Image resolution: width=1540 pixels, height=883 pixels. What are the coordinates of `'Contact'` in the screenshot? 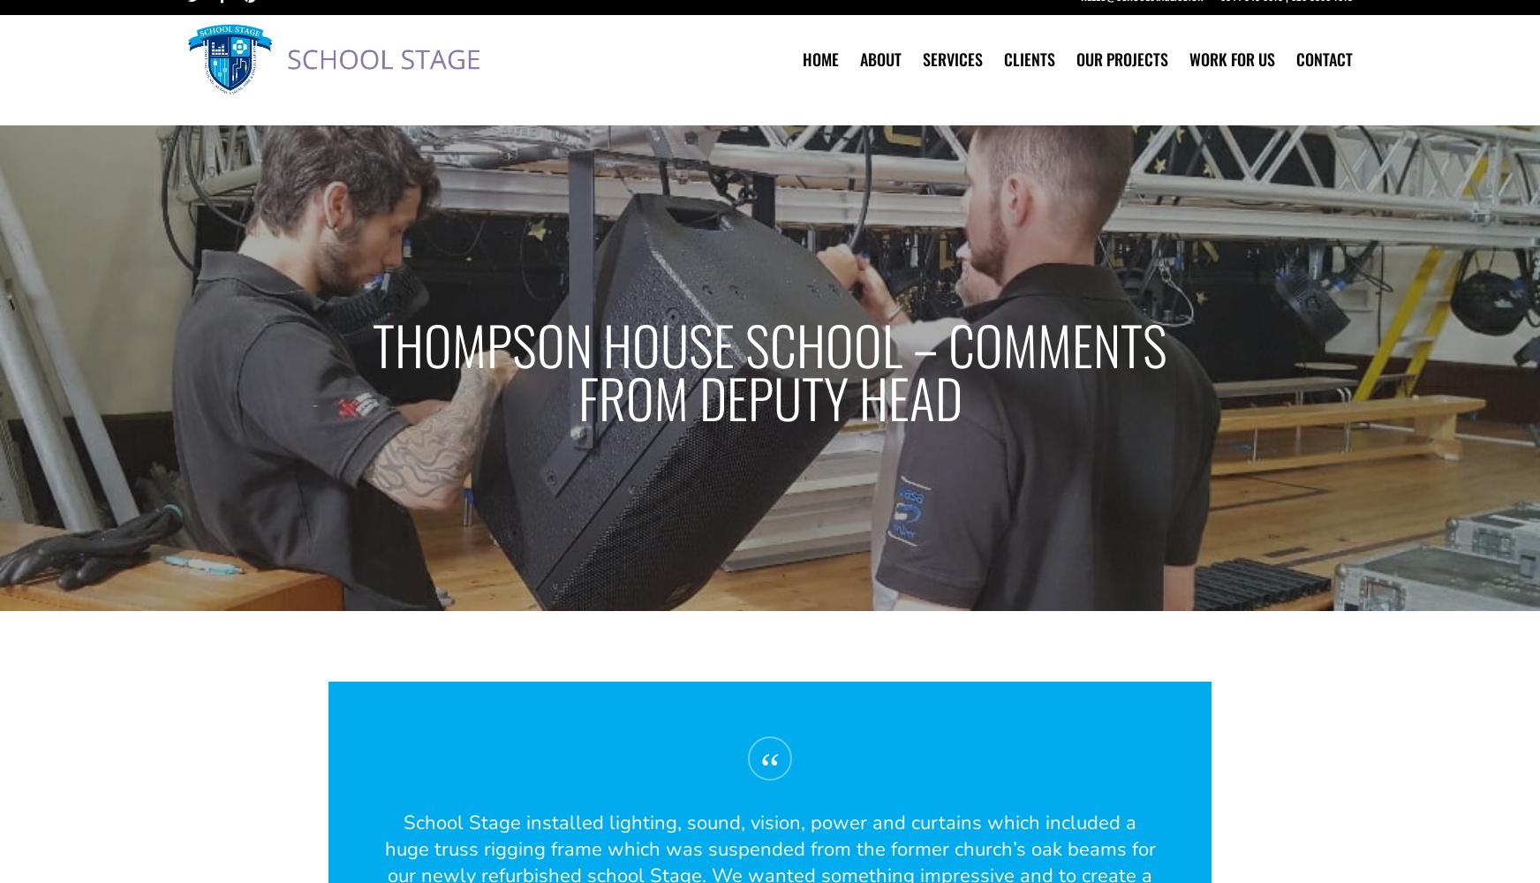 It's located at (1295, 80).